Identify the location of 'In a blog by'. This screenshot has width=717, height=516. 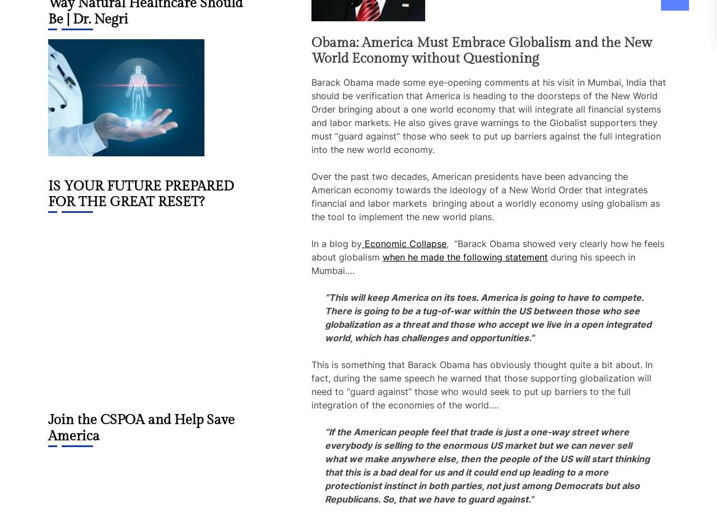
(336, 243).